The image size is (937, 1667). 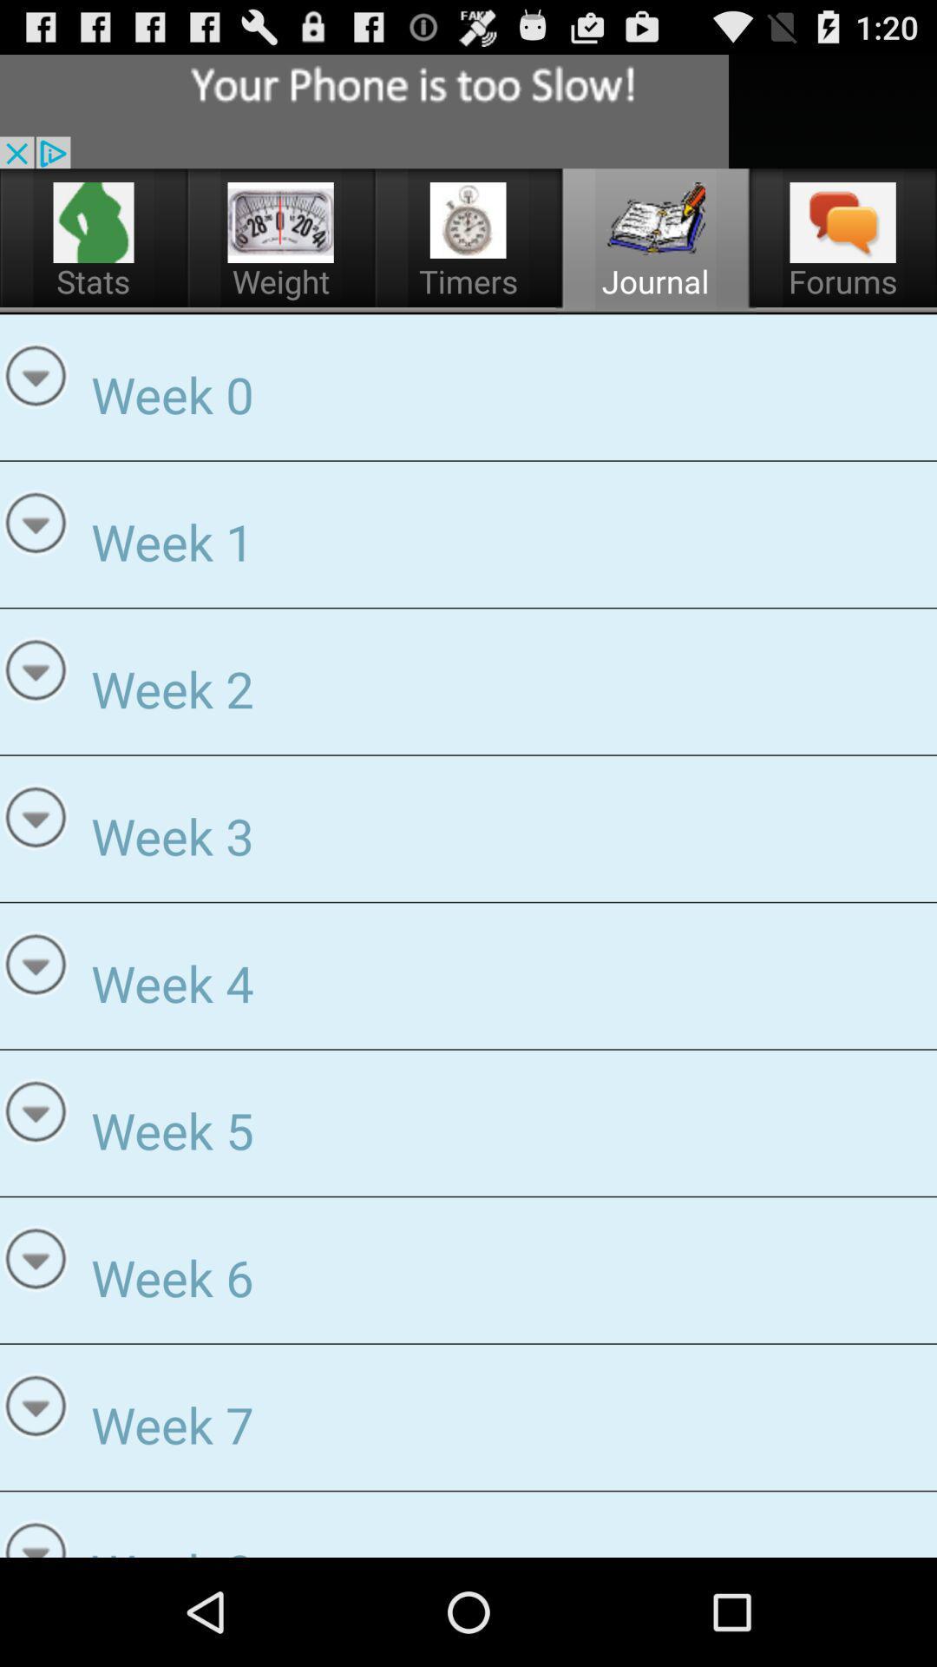 I want to click on forums icon, so click(x=842, y=221).